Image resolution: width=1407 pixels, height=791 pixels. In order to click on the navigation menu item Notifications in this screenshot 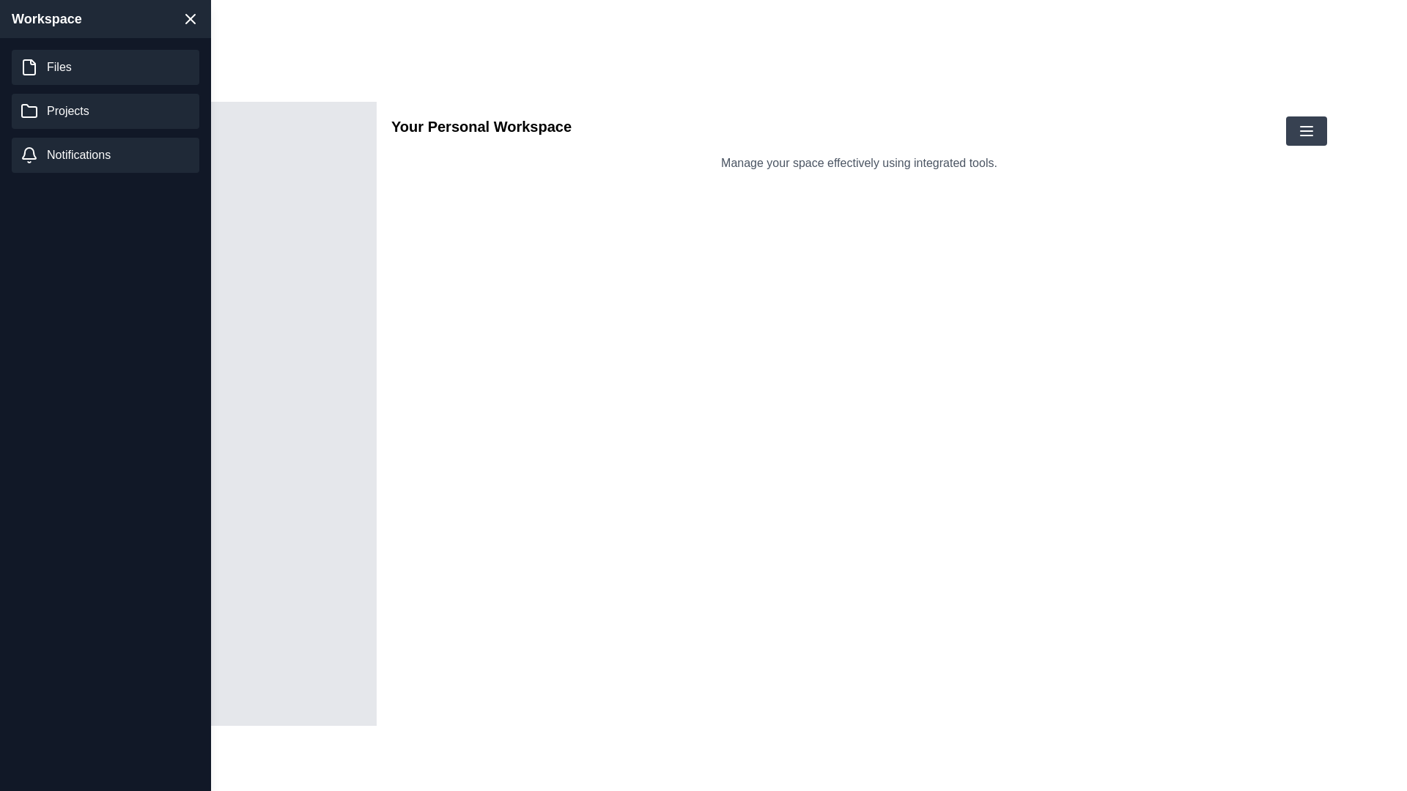, I will do `click(105, 155)`.